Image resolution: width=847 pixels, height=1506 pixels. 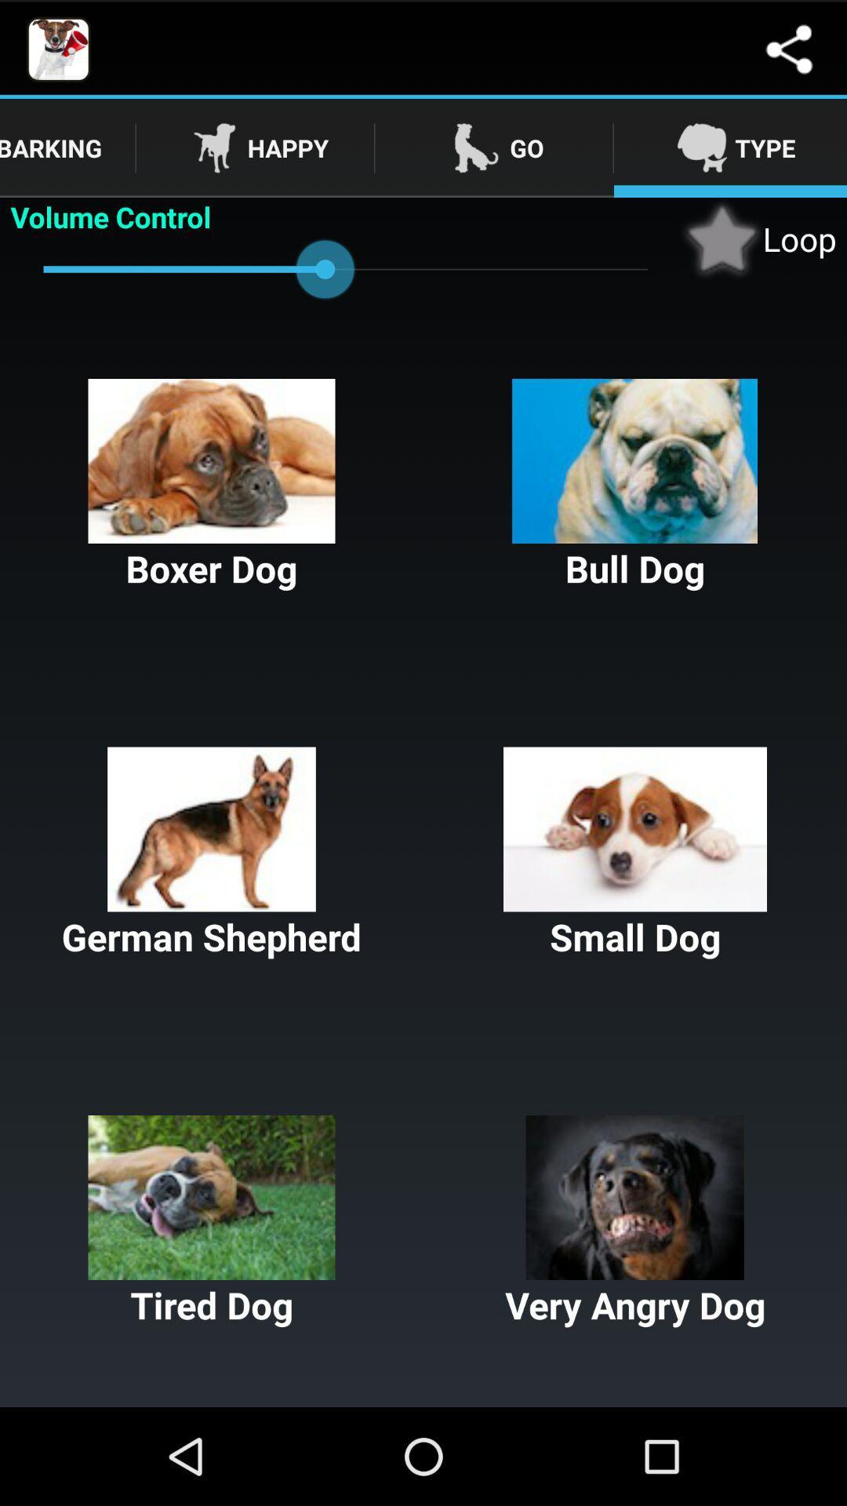 I want to click on german shepherd item, so click(x=212, y=853).